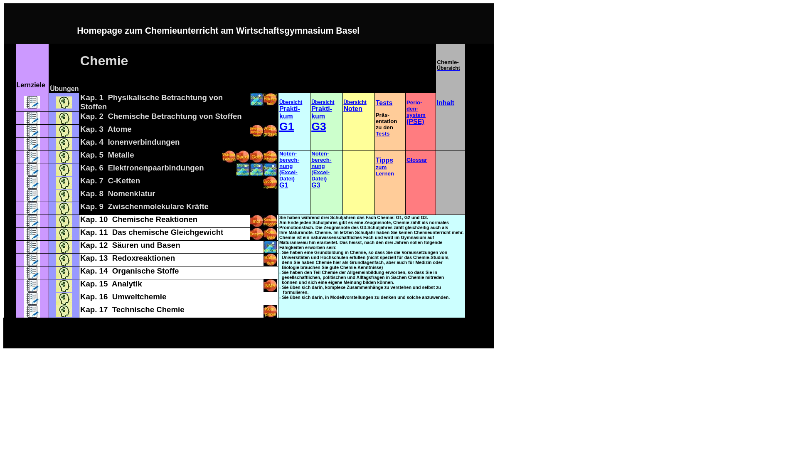 The width and height of the screenshot is (798, 449). Describe the element at coordinates (417, 160) in the screenshot. I see `'Glossar'` at that location.